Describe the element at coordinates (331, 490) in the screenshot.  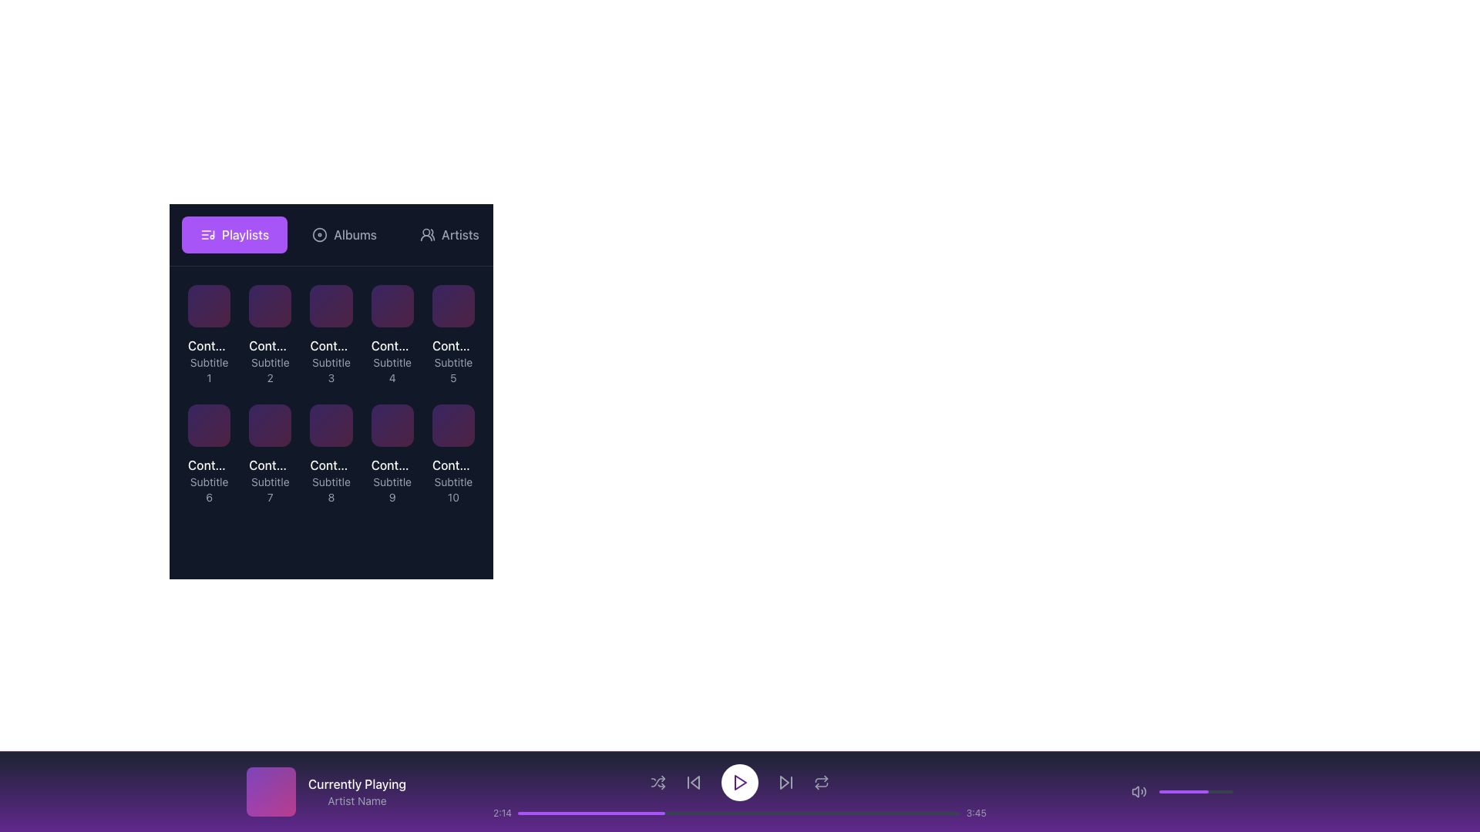
I see `the text element displaying 'Subtitle 8', which is part of the eighth card in a grid layout, located at the bottom of the paired title-subtitle group titled 'Content Title 8'` at that location.